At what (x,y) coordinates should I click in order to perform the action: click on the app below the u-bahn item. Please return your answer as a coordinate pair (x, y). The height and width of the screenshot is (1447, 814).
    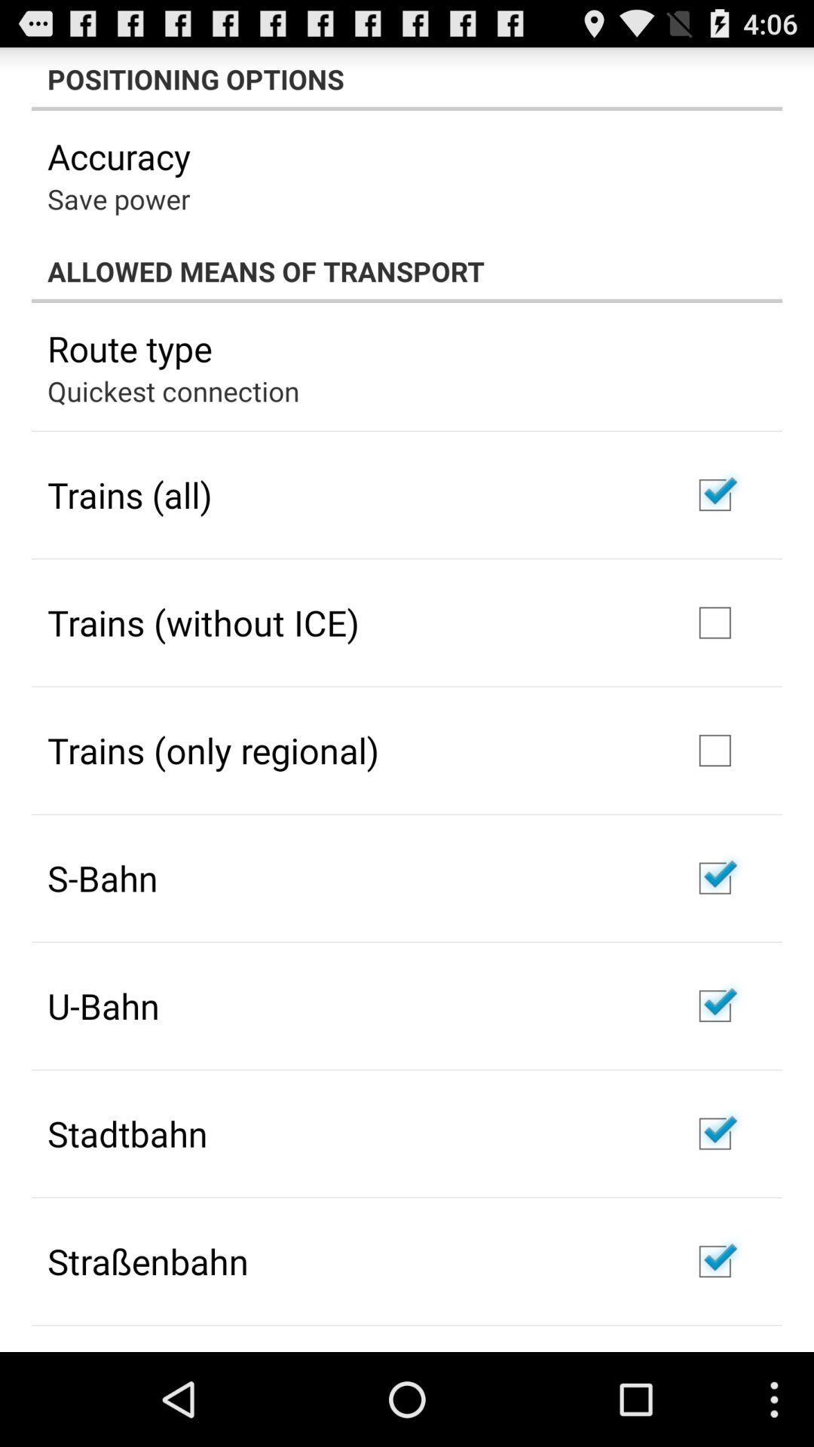
    Looking at the image, I should click on (127, 1133).